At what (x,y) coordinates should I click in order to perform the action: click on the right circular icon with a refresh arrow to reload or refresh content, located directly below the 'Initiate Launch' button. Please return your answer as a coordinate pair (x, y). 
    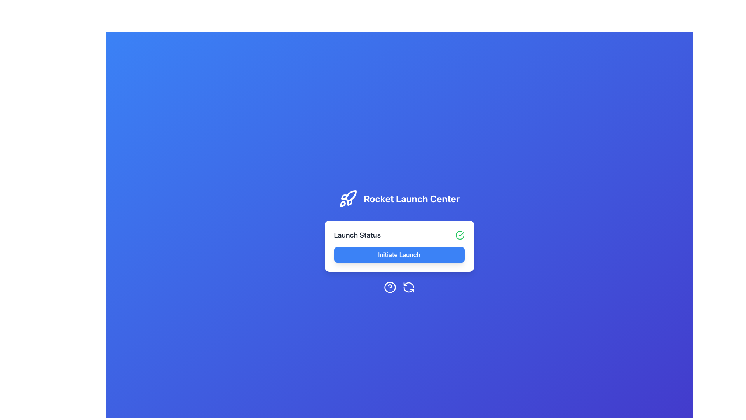
    Looking at the image, I should click on (399, 287).